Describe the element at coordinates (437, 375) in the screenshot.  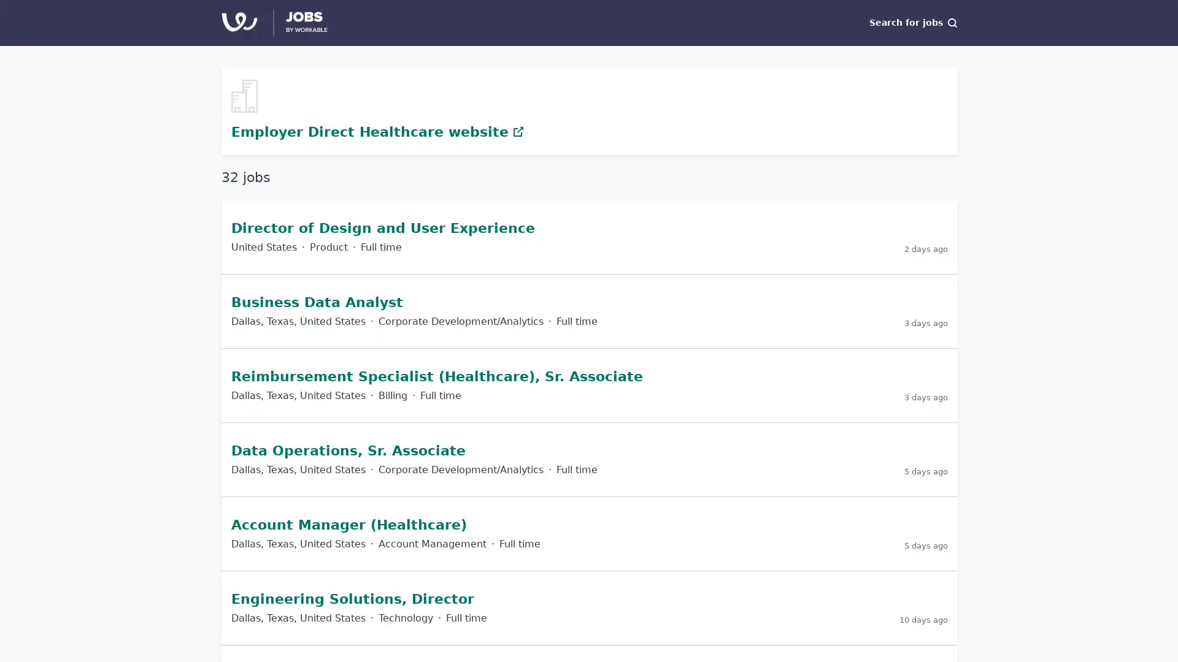
I see `Reimbursement Specialist (Healthcare), Sr. Associate` at that location.